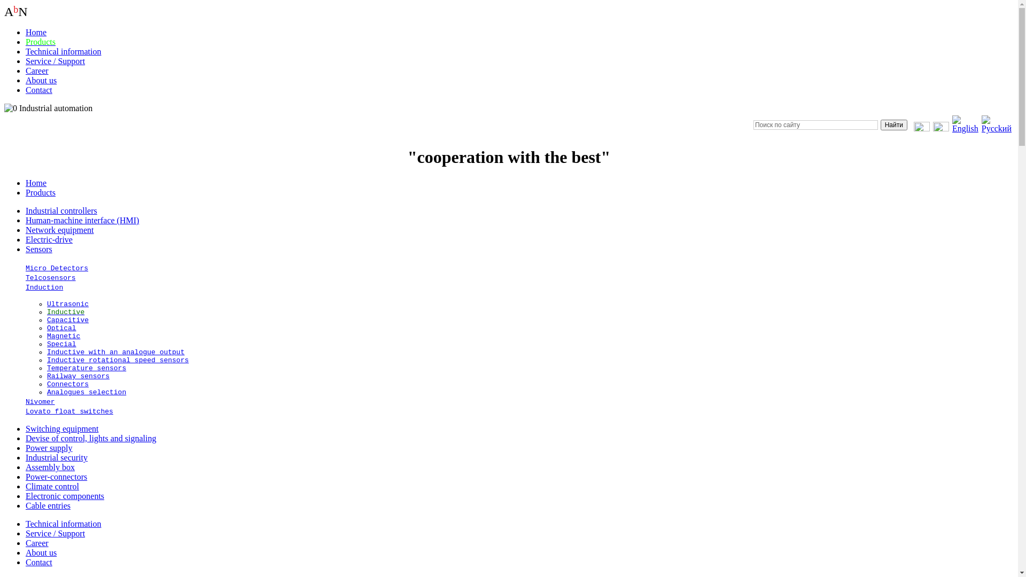  Describe the element at coordinates (118, 360) in the screenshot. I see `'Inductive rotational speed sensors'` at that location.